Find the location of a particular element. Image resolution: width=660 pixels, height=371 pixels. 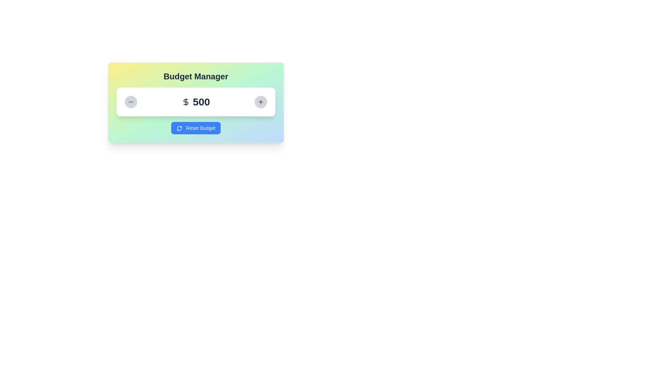

the text header element styled with center alignment and bold font that reads 'Budget Manager' located at the top of the UI card is located at coordinates (196, 77).